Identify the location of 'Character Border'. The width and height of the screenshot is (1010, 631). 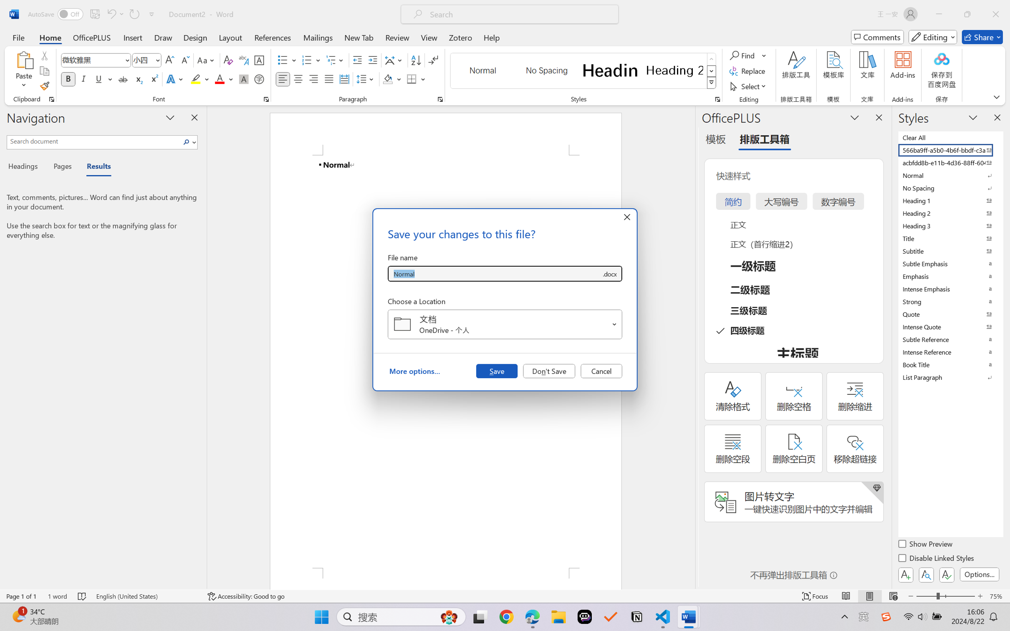
(259, 60).